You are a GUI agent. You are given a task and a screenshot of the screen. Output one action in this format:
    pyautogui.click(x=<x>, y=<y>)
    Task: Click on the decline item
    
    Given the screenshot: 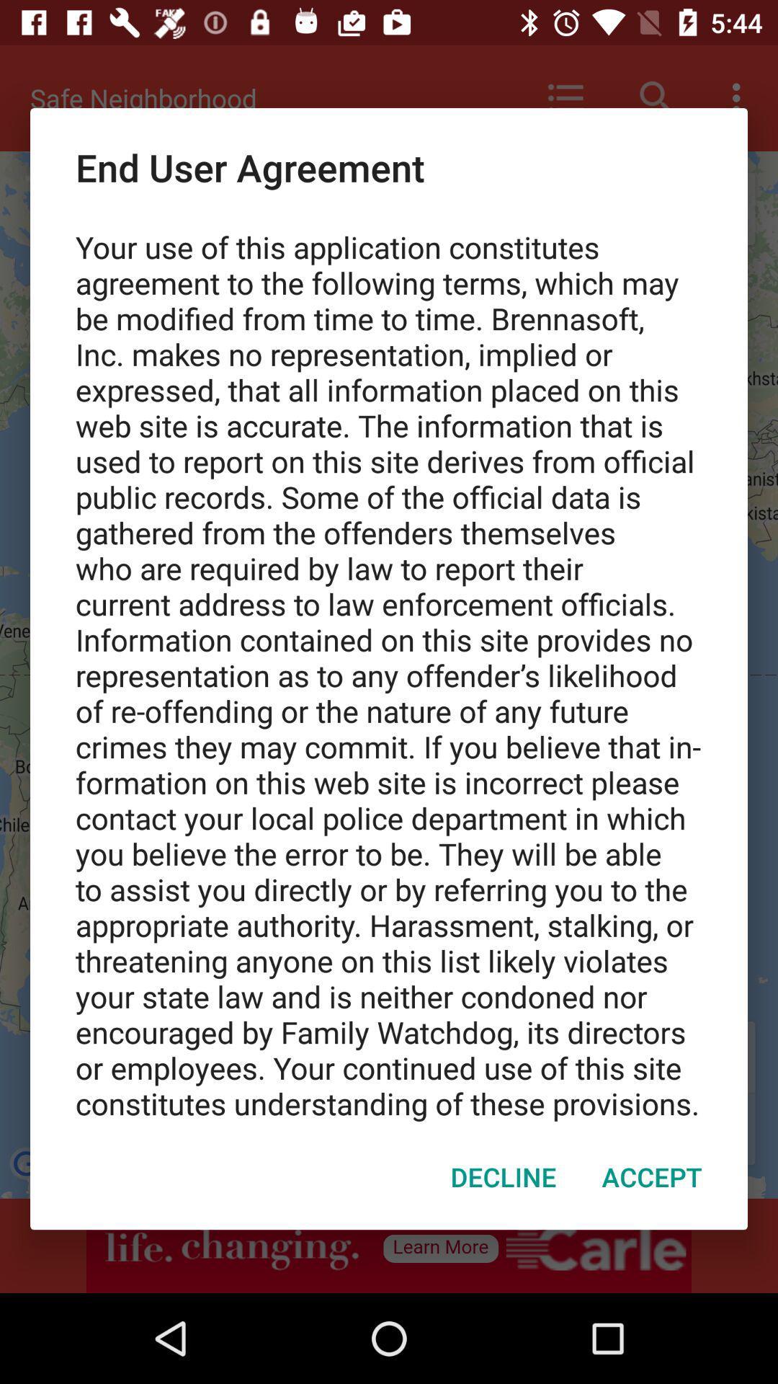 What is the action you would take?
    pyautogui.click(x=502, y=1176)
    